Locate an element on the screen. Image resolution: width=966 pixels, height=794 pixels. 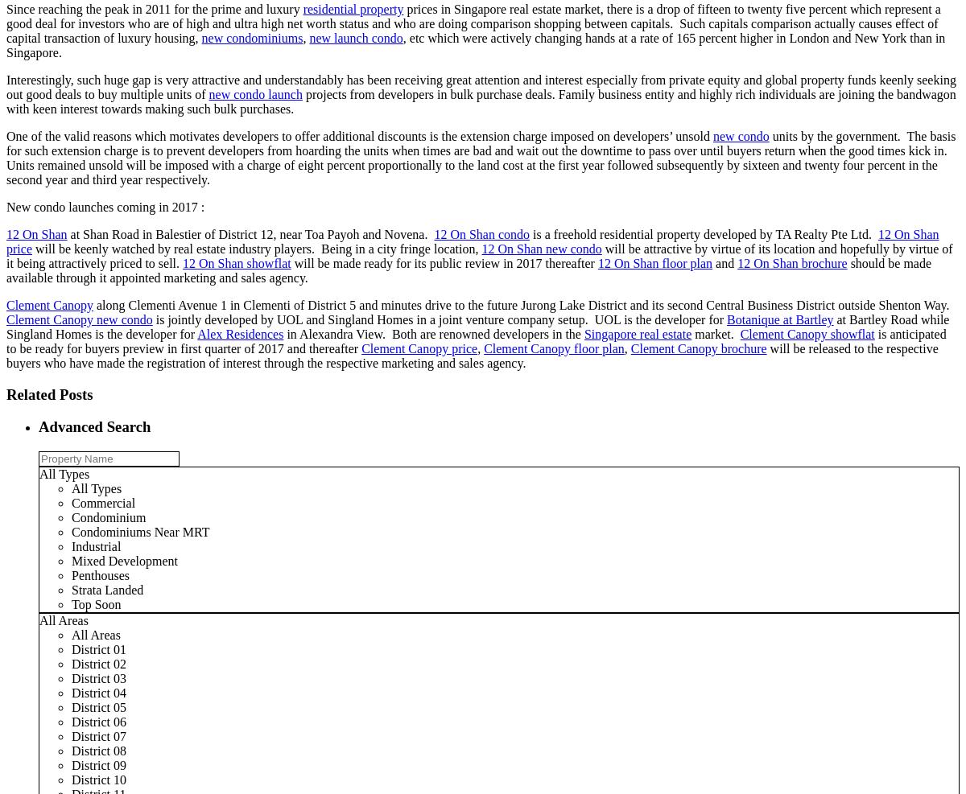
'District 01' is located at coordinates (98, 649).